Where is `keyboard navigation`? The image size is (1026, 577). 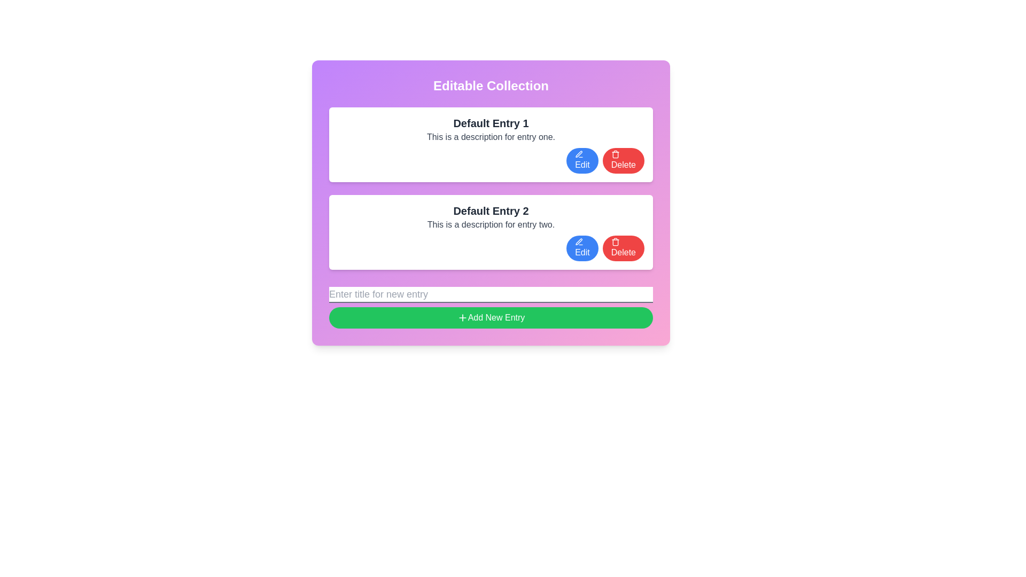
keyboard navigation is located at coordinates (579, 154).